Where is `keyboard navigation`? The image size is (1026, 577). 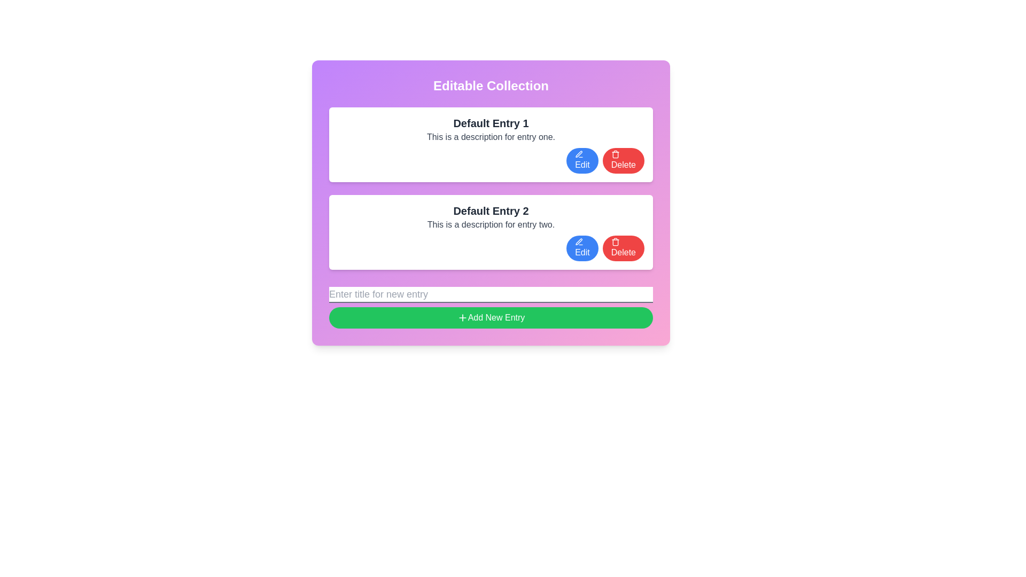
keyboard navigation is located at coordinates (579, 154).